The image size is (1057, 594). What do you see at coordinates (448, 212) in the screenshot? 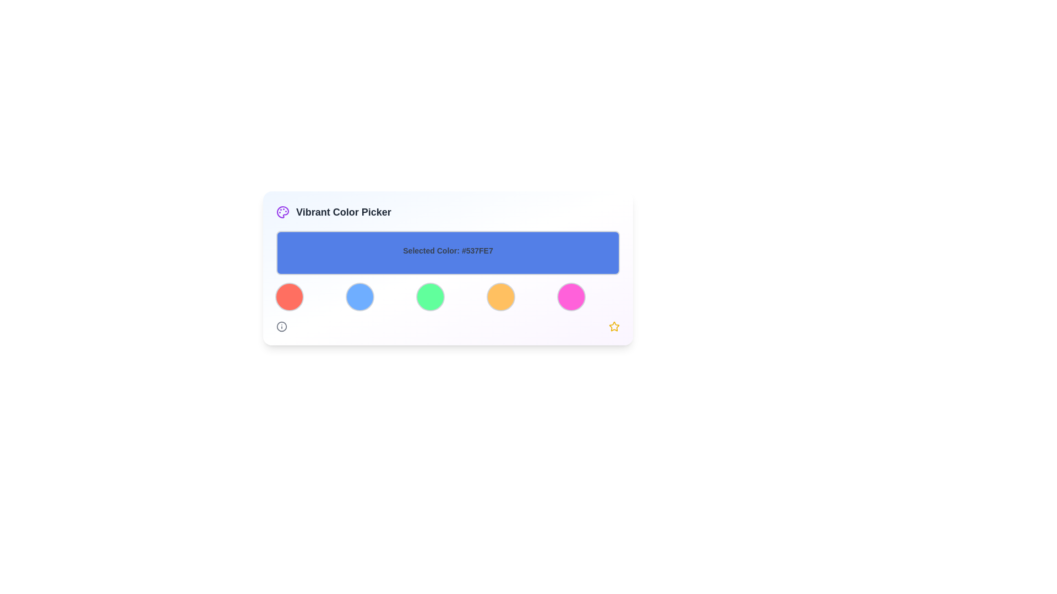
I see `the Header Section element containing the purple circular icon of a palette and the label 'Vibrant Color Picker' by moving the cursor to its center` at bounding box center [448, 212].